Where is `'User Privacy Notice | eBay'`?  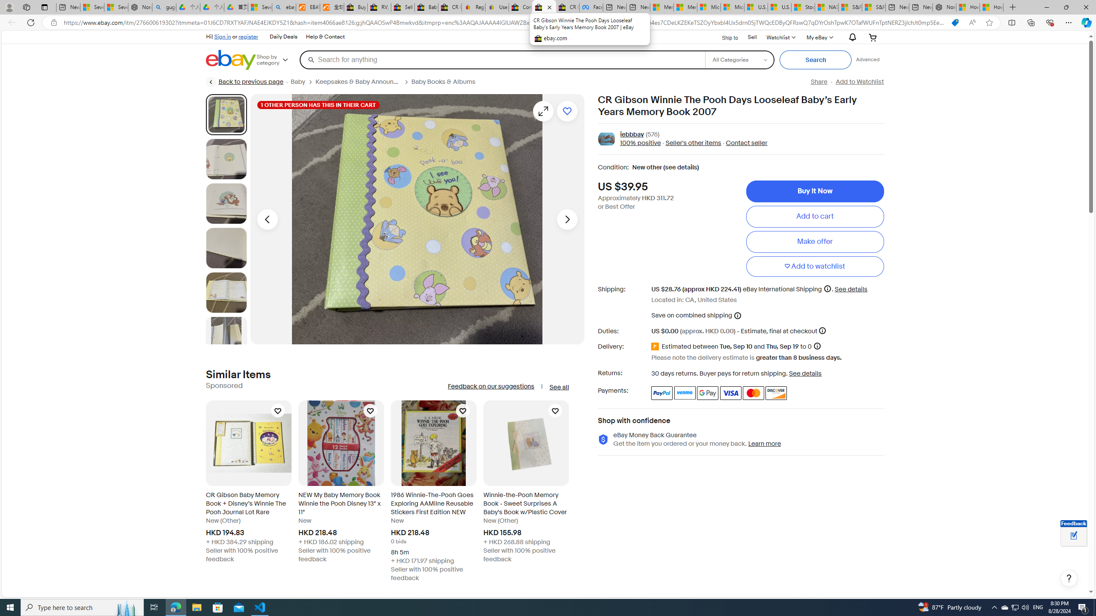 'User Privacy Notice | eBay' is located at coordinates (496, 7).